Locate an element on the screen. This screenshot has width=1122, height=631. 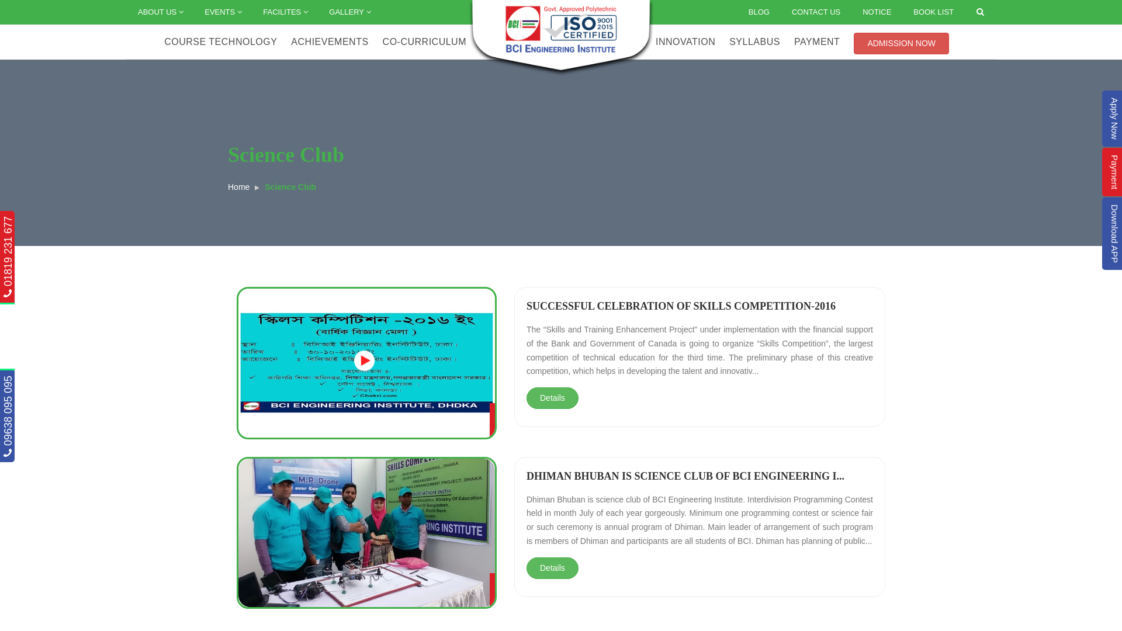
'PAYMENT' is located at coordinates (816, 43).